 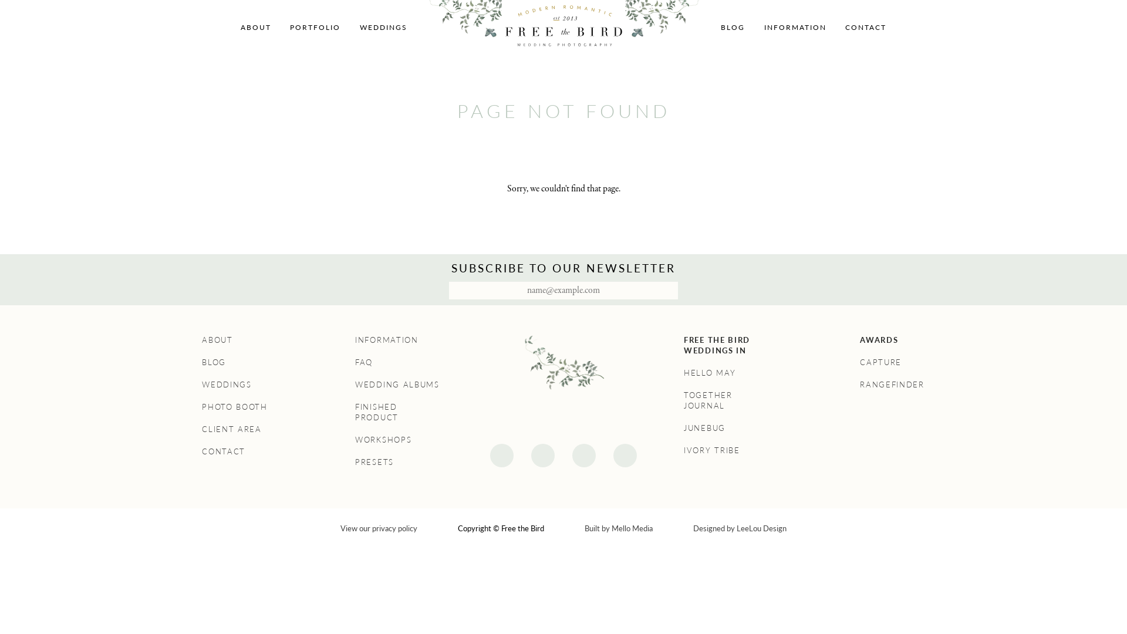 I want to click on 'CAPTURE', so click(x=880, y=362).